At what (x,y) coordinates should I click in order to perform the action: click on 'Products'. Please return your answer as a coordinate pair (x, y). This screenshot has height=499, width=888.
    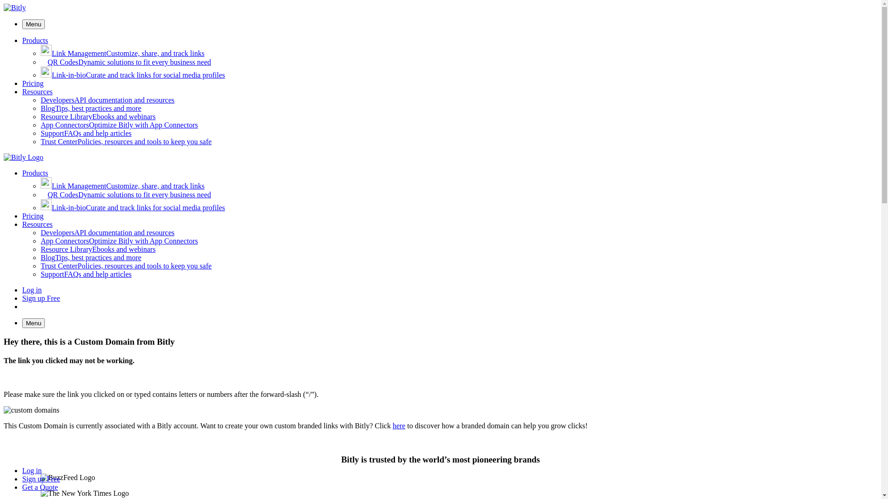
    Looking at the image, I should click on (35, 173).